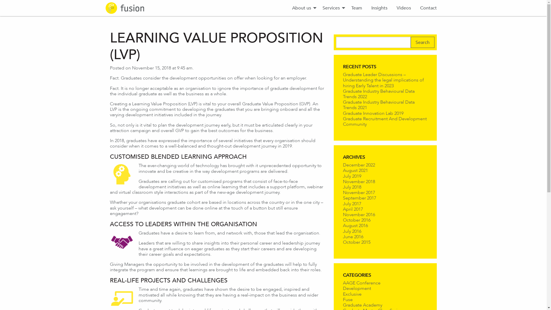  What do you see at coordinates (361, 282) in the screenshot?
I see `'AAGE Conference'` at bounding box center [361, 282].